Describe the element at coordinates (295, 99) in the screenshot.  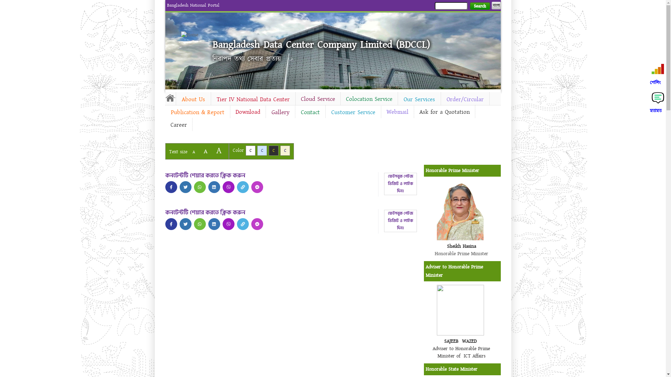
I see `'Cloud Service'` at that location.